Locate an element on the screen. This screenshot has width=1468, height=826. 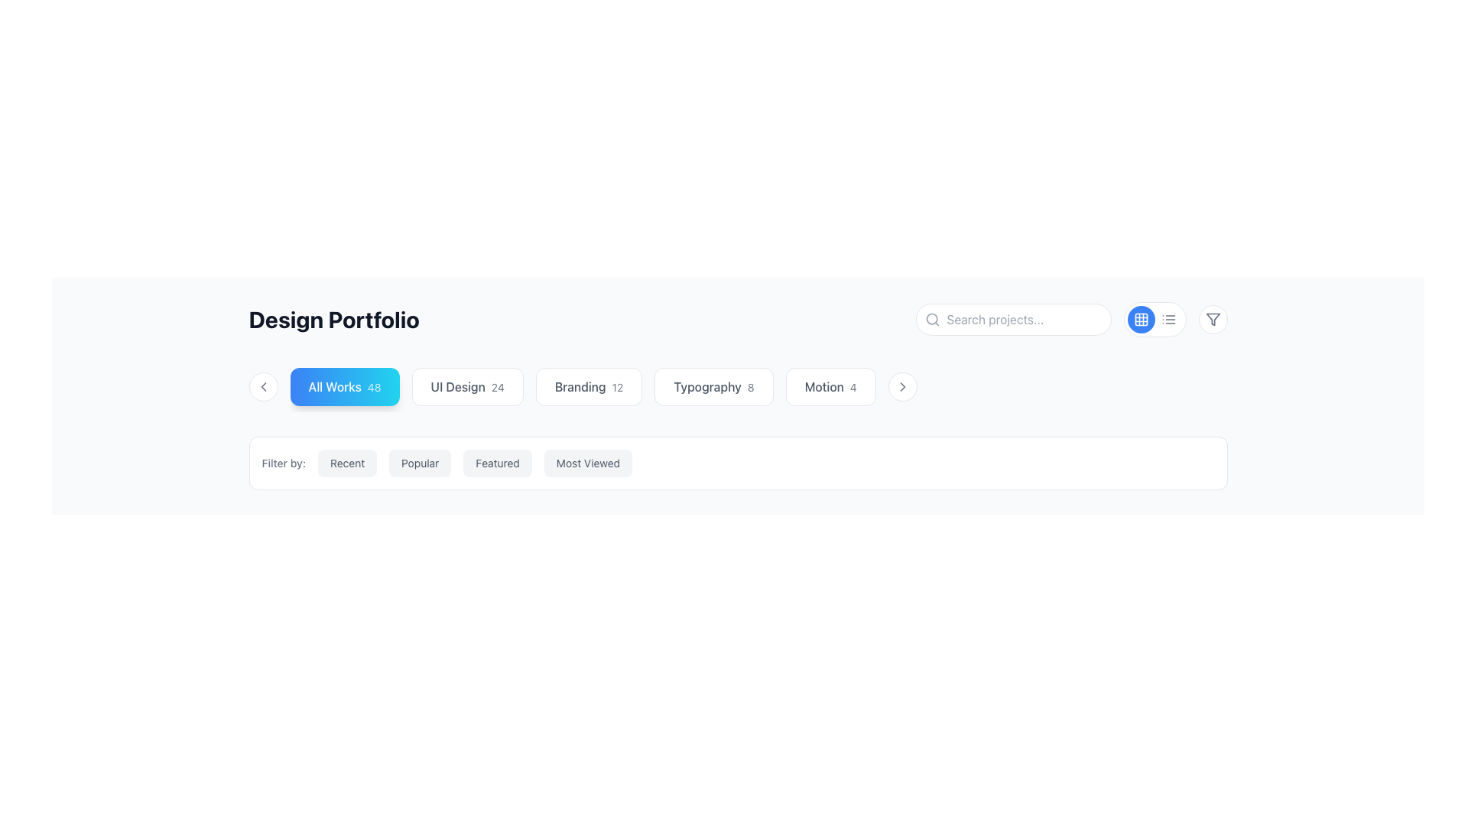
the list view icon button, which is a small icon composed of three horizontal lines resembling a menu symbol, located near the top right corner of the interface is located at coordinates (1168, 318).